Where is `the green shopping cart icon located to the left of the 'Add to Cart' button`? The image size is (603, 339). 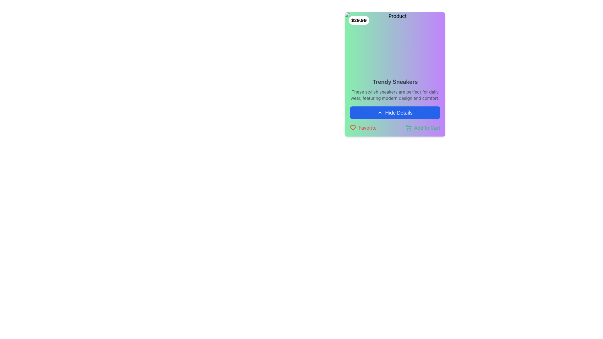
the green shopping cart icon located to the left of the 'Add to Cart' button is located at coordinates (408, 127).